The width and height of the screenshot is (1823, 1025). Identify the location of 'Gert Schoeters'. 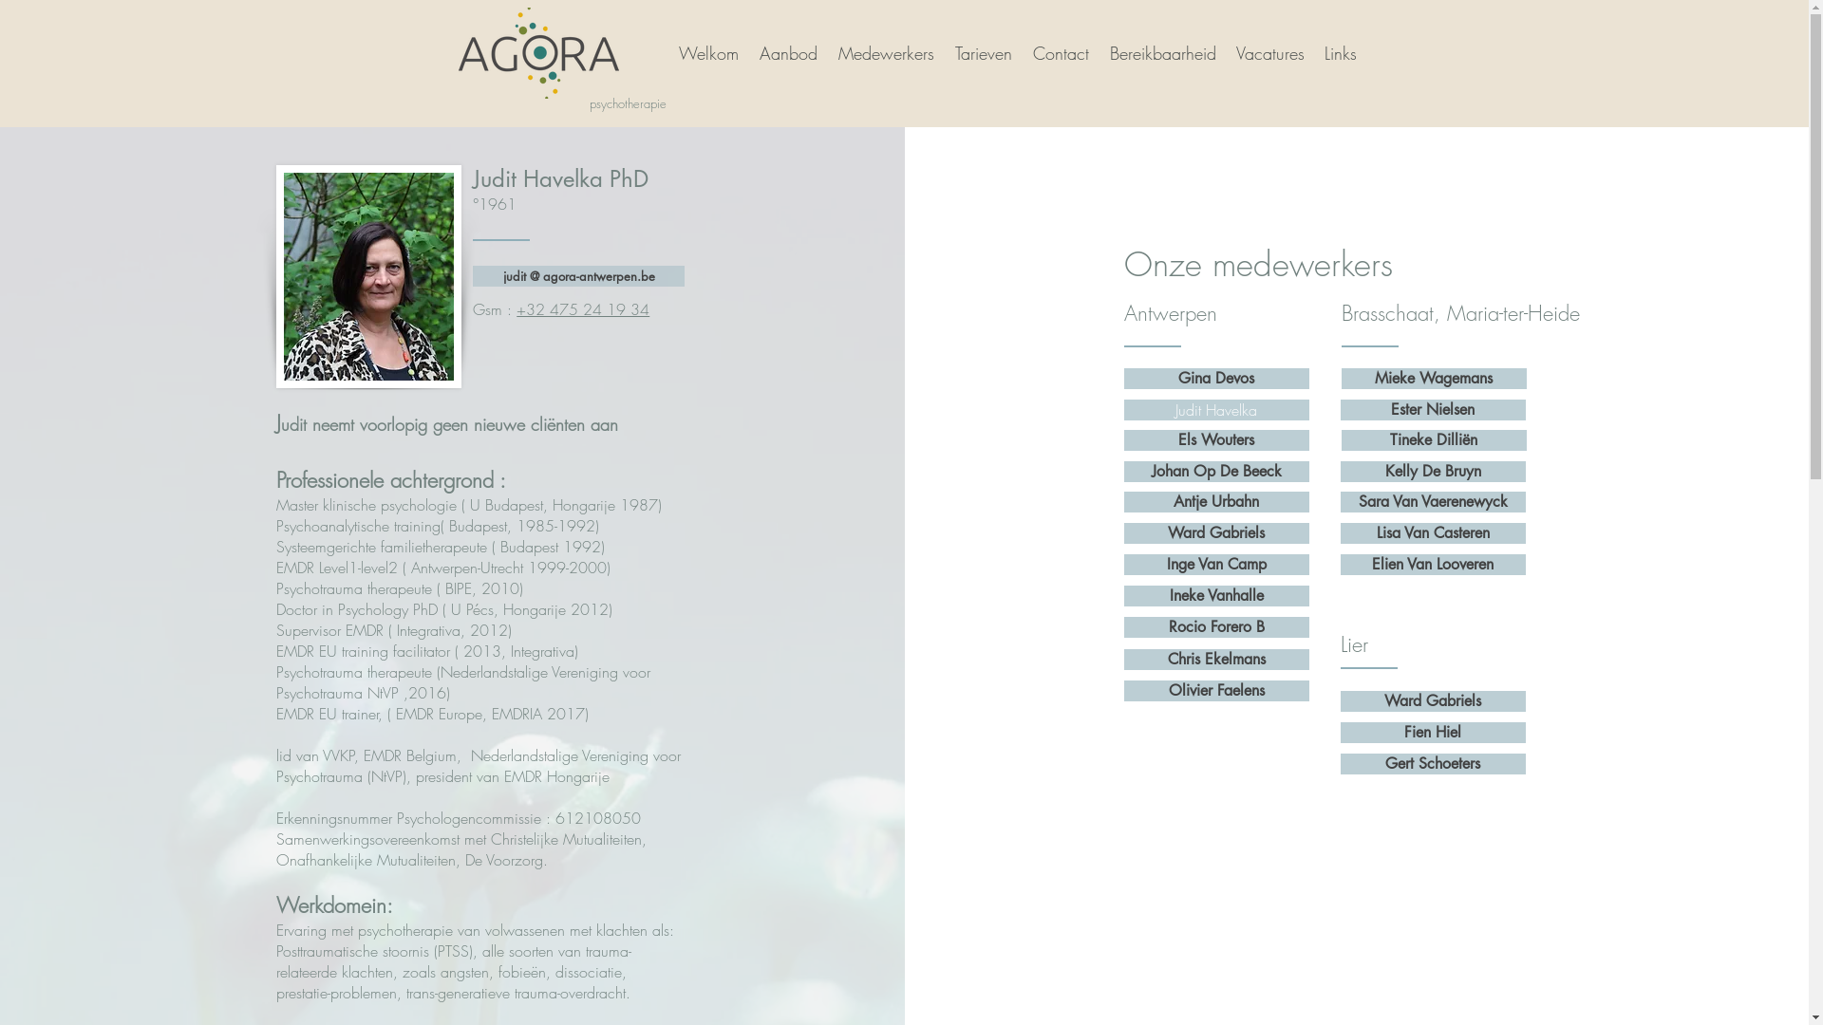
(1433, 763).